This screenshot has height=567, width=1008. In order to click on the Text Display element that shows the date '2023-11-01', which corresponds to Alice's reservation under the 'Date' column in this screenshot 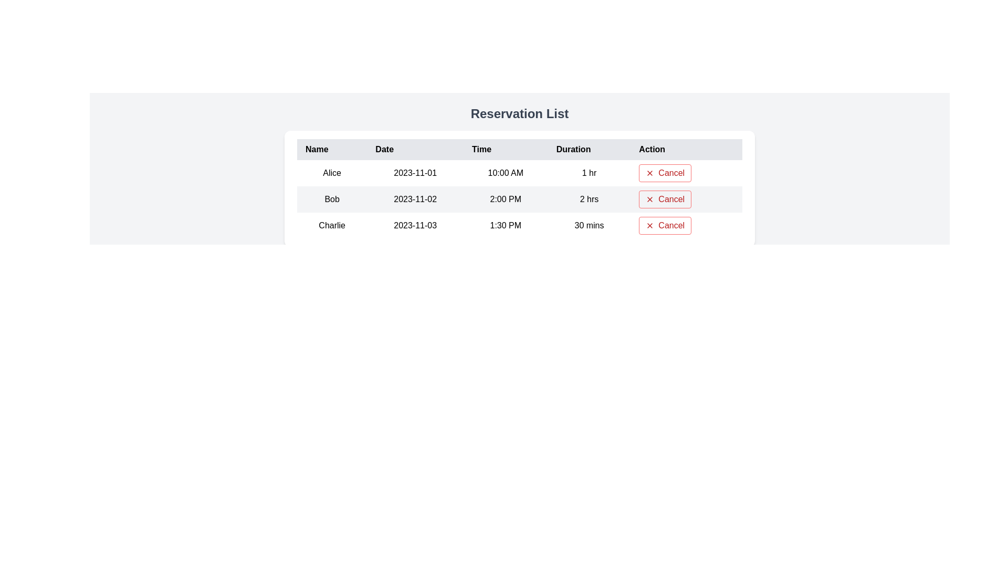, I will do `click(415, 173)`.